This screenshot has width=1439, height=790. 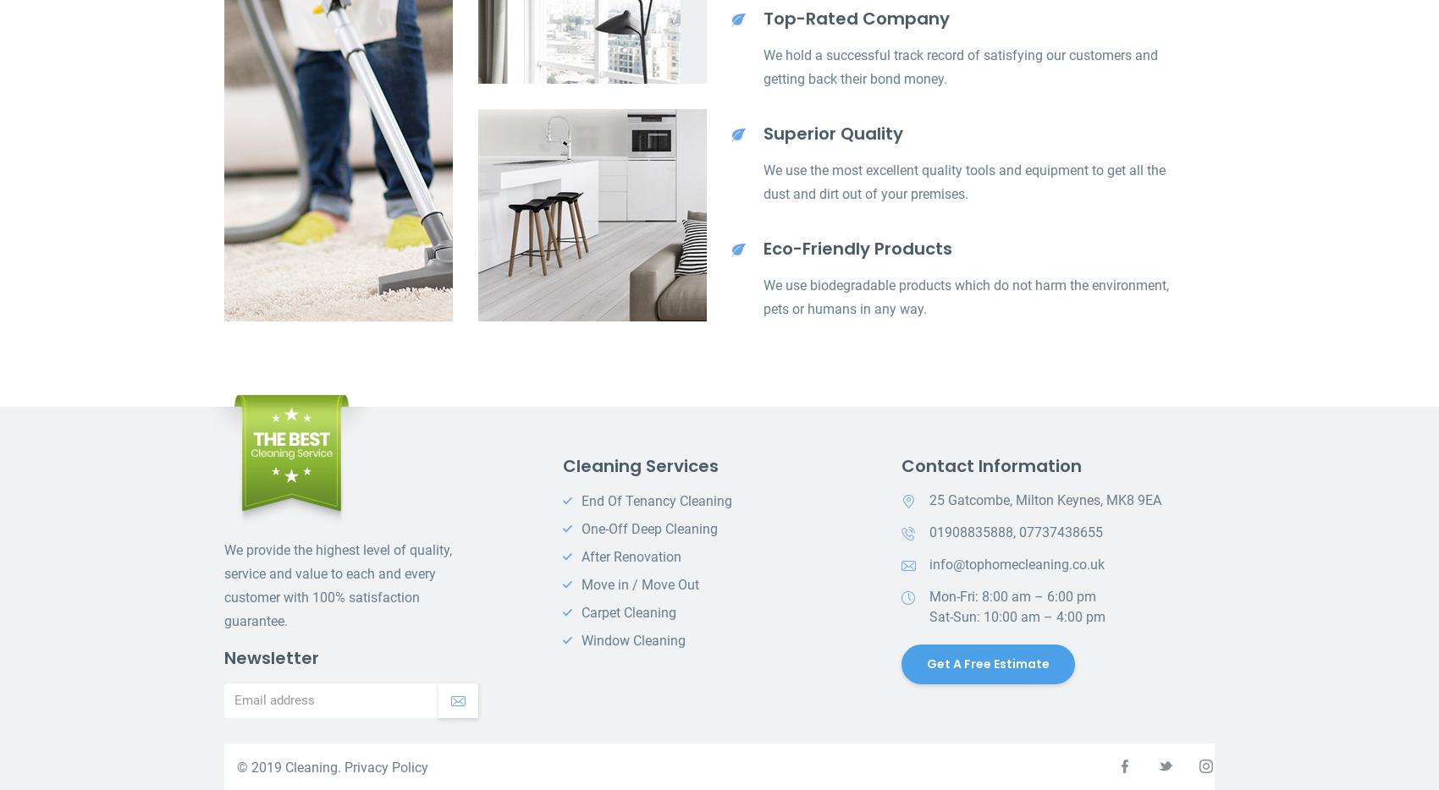 What do you see at coordinates (856, 18) in the screenshot?
I see `'Top-Rated Company'` at bounding box center [856, 18].